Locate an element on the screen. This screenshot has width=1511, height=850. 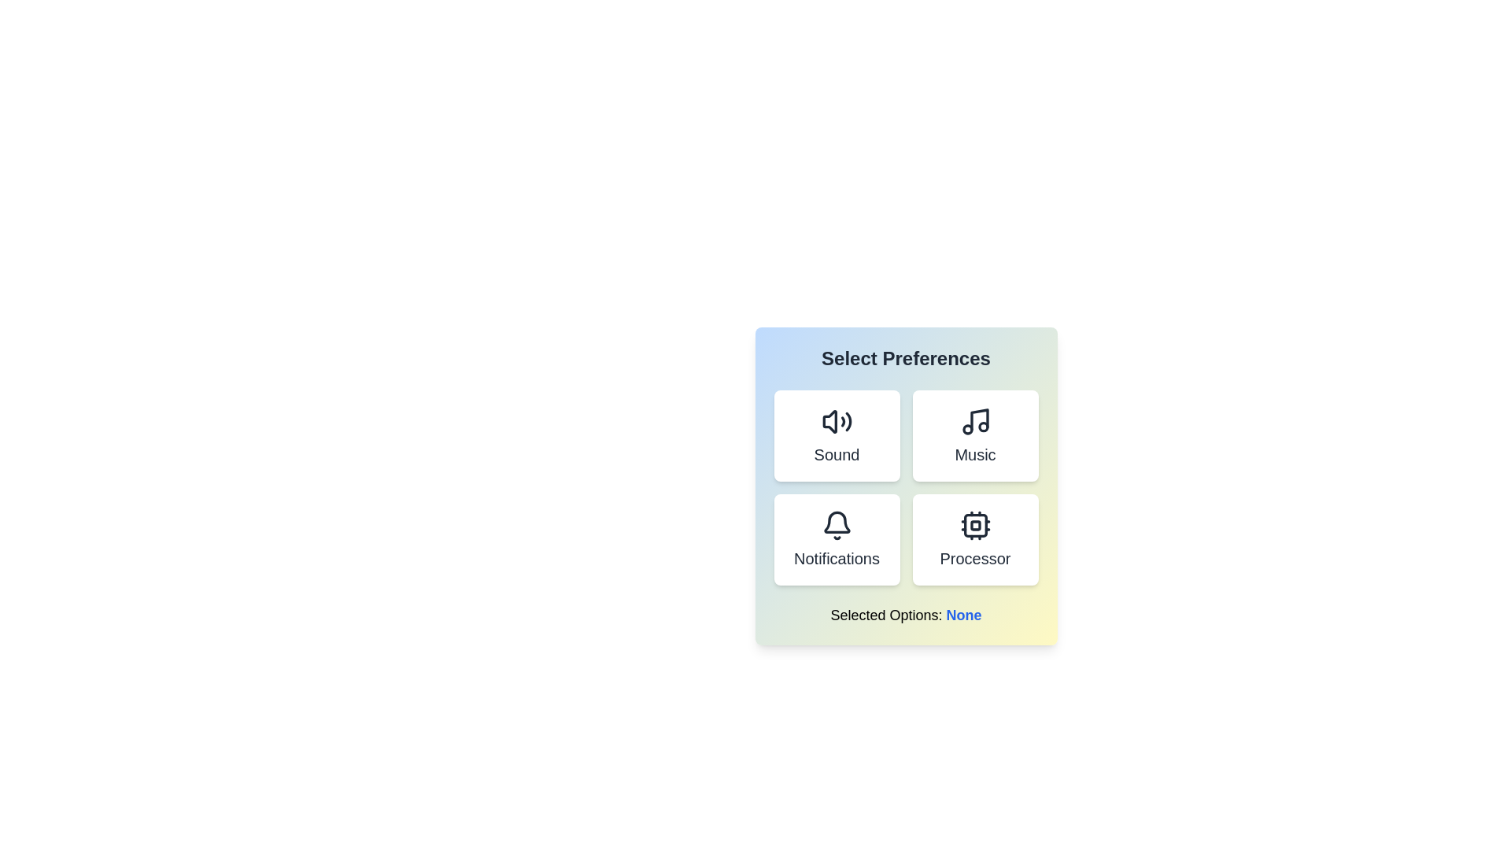
the preference Sound is located at coordinates (836, 436).